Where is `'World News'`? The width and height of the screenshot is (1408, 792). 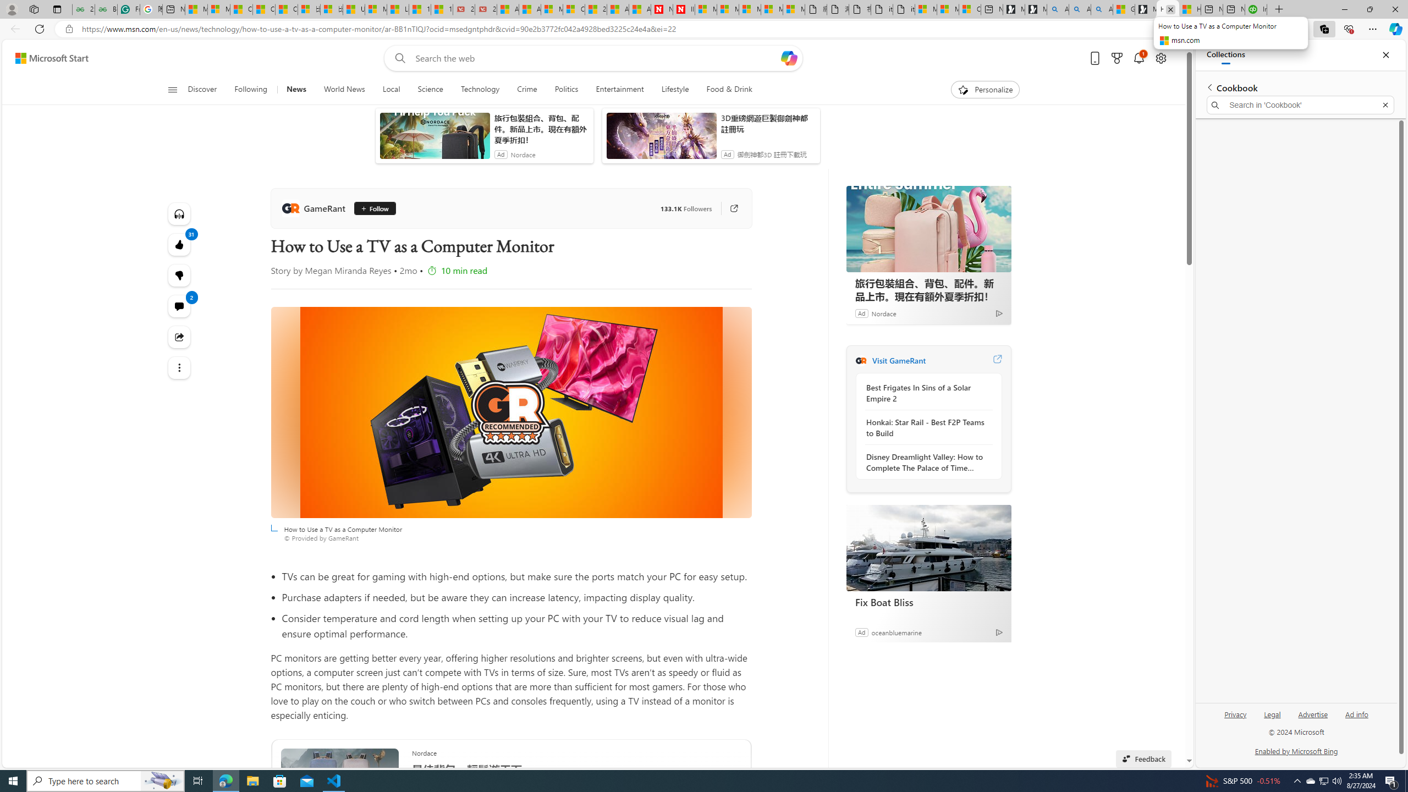 'World News' is located at coordinates (343, 89).